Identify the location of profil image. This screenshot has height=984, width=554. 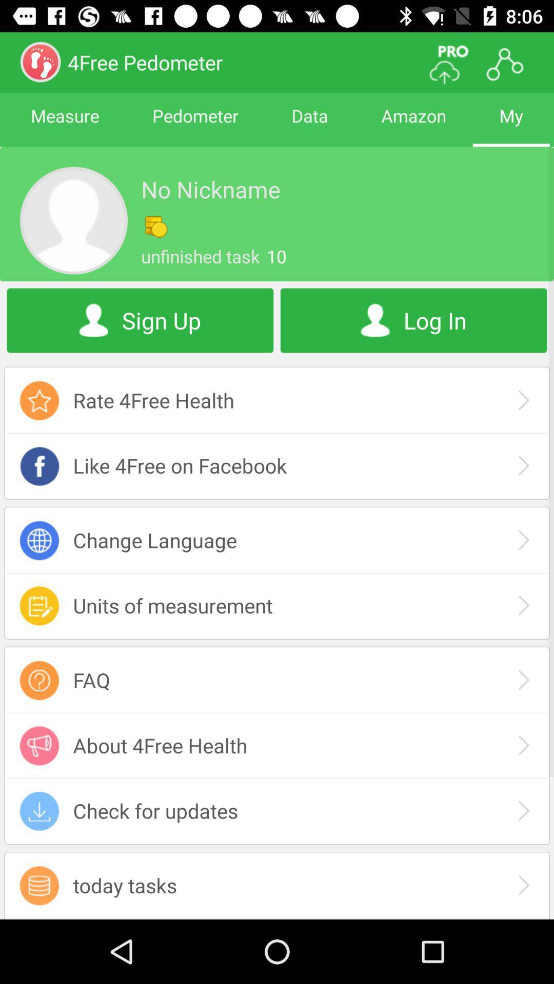
(73, 220).